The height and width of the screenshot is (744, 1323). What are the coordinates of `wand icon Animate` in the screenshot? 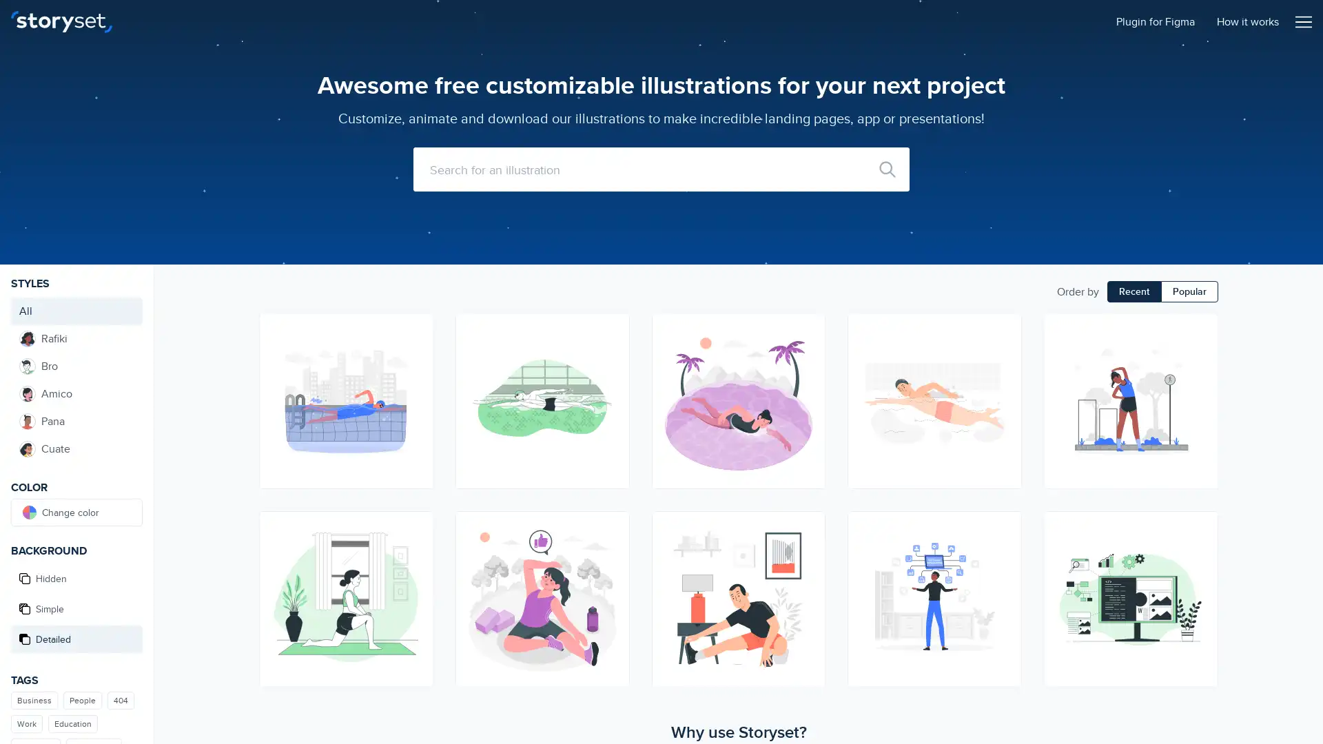 It's located at (611, 330).